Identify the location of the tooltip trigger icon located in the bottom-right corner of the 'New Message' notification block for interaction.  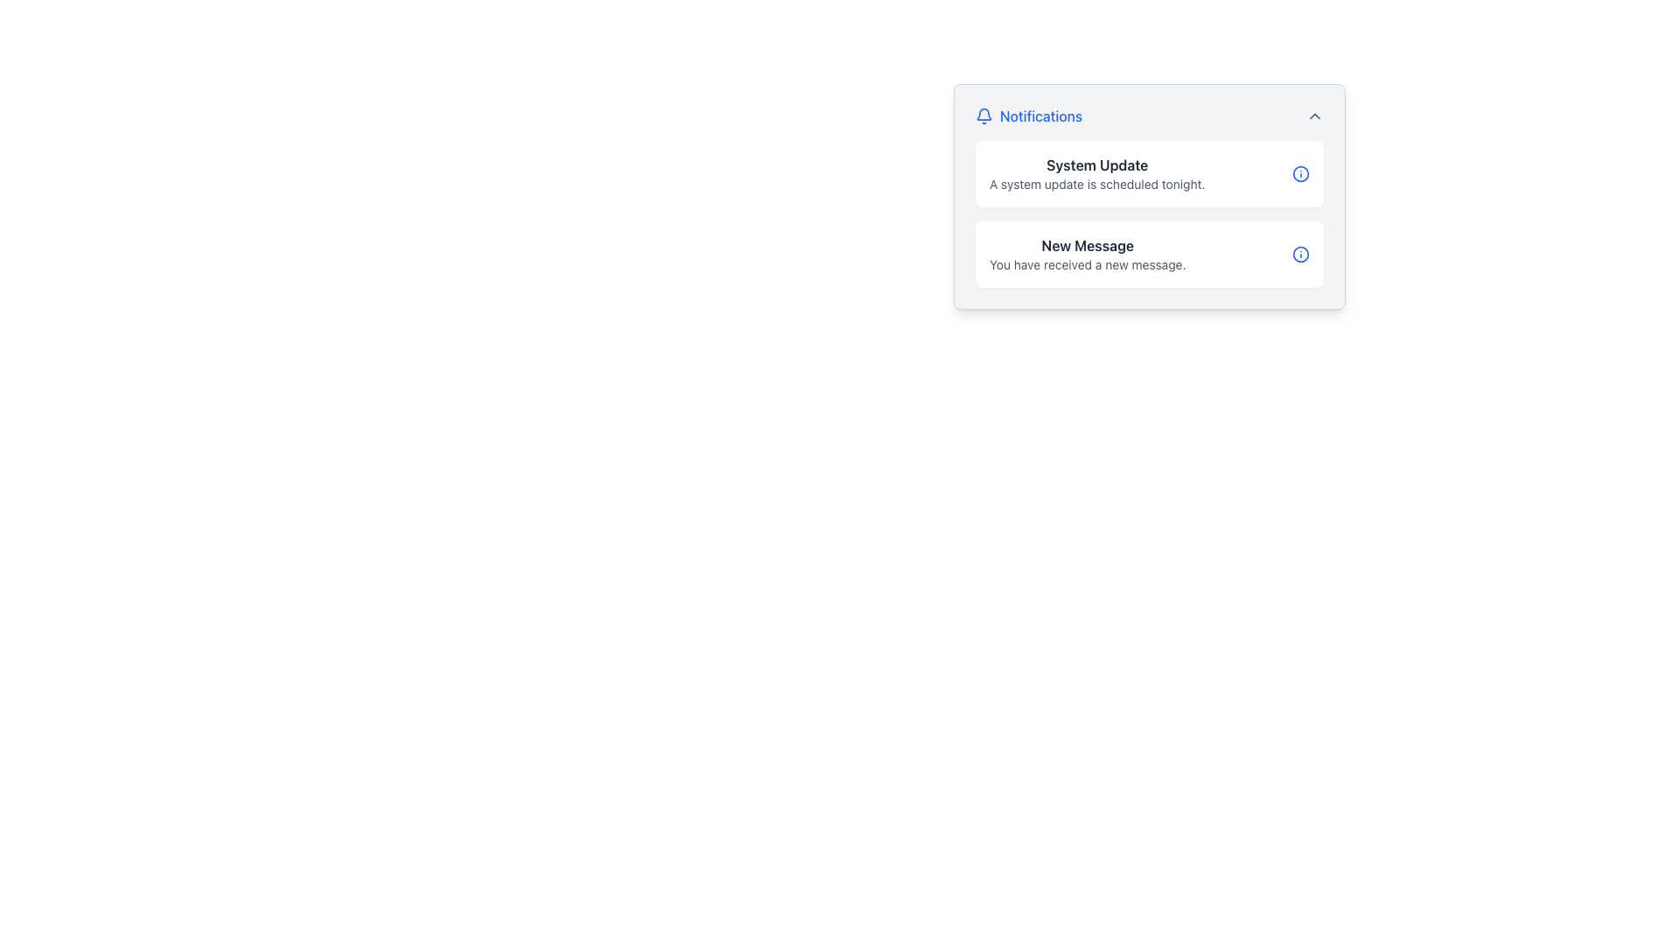
(1301, 254).